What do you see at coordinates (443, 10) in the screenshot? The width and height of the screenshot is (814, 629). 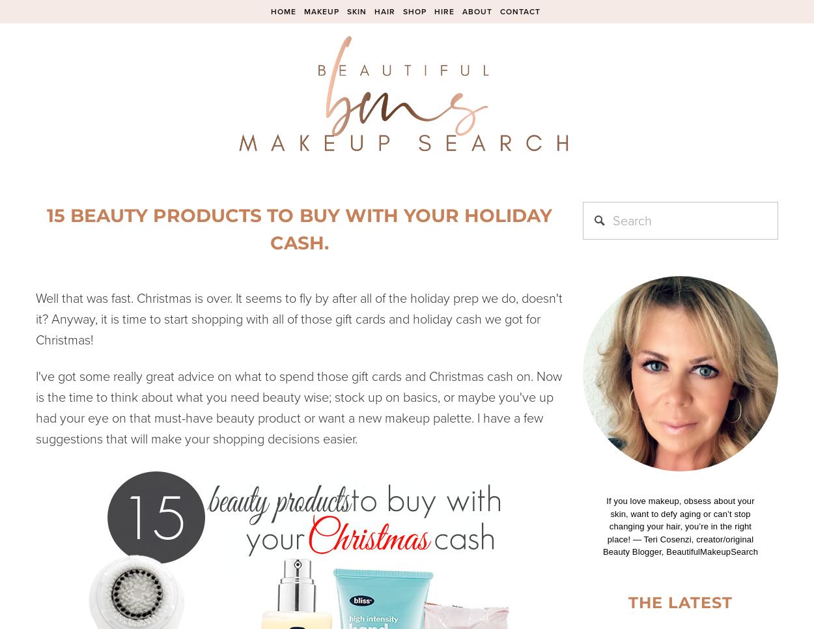 I see `'Hire'` at bounding box center [443, 10].